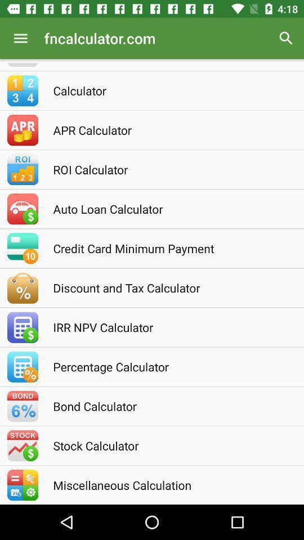 The width and height of the screenshot is (304, 540). I want to click on the auto loan calculator icon, so click(167, 208).